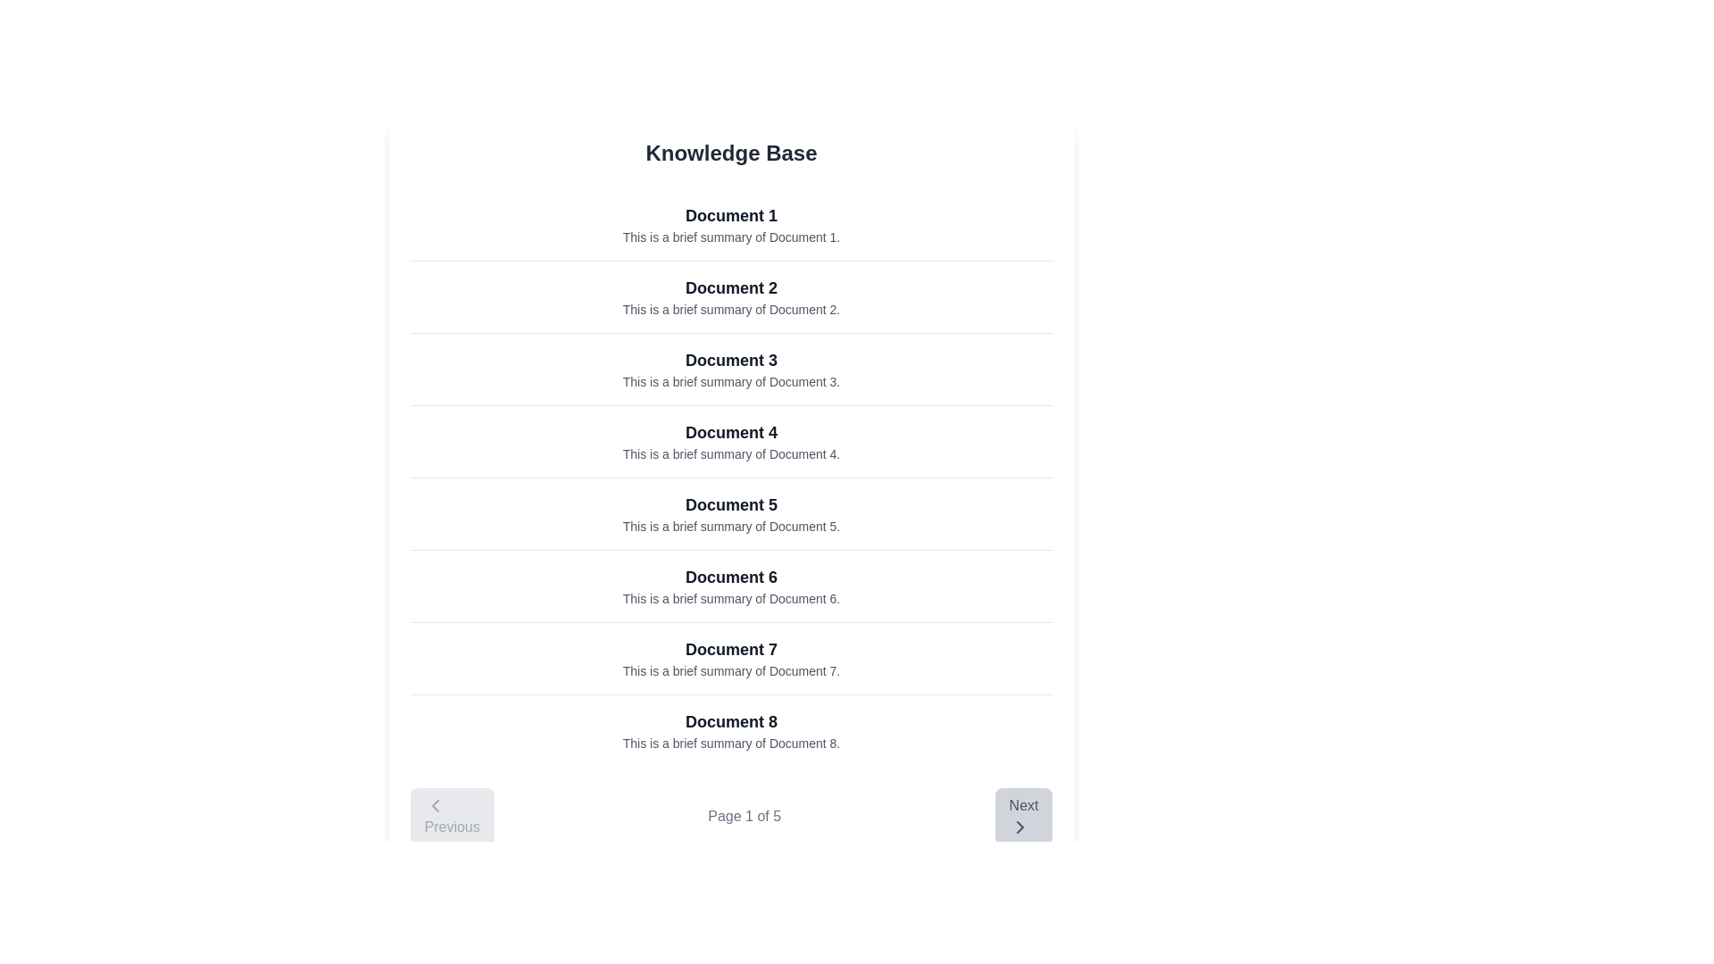 The image size is (1714, 964). What do you see at coordinates (731, 453) in the screenshot?
I see `the text label that reads 'This is a brief summary of Document 4.', which is located directly below the 'Document 4' heading` at bounding box center [731, 453].